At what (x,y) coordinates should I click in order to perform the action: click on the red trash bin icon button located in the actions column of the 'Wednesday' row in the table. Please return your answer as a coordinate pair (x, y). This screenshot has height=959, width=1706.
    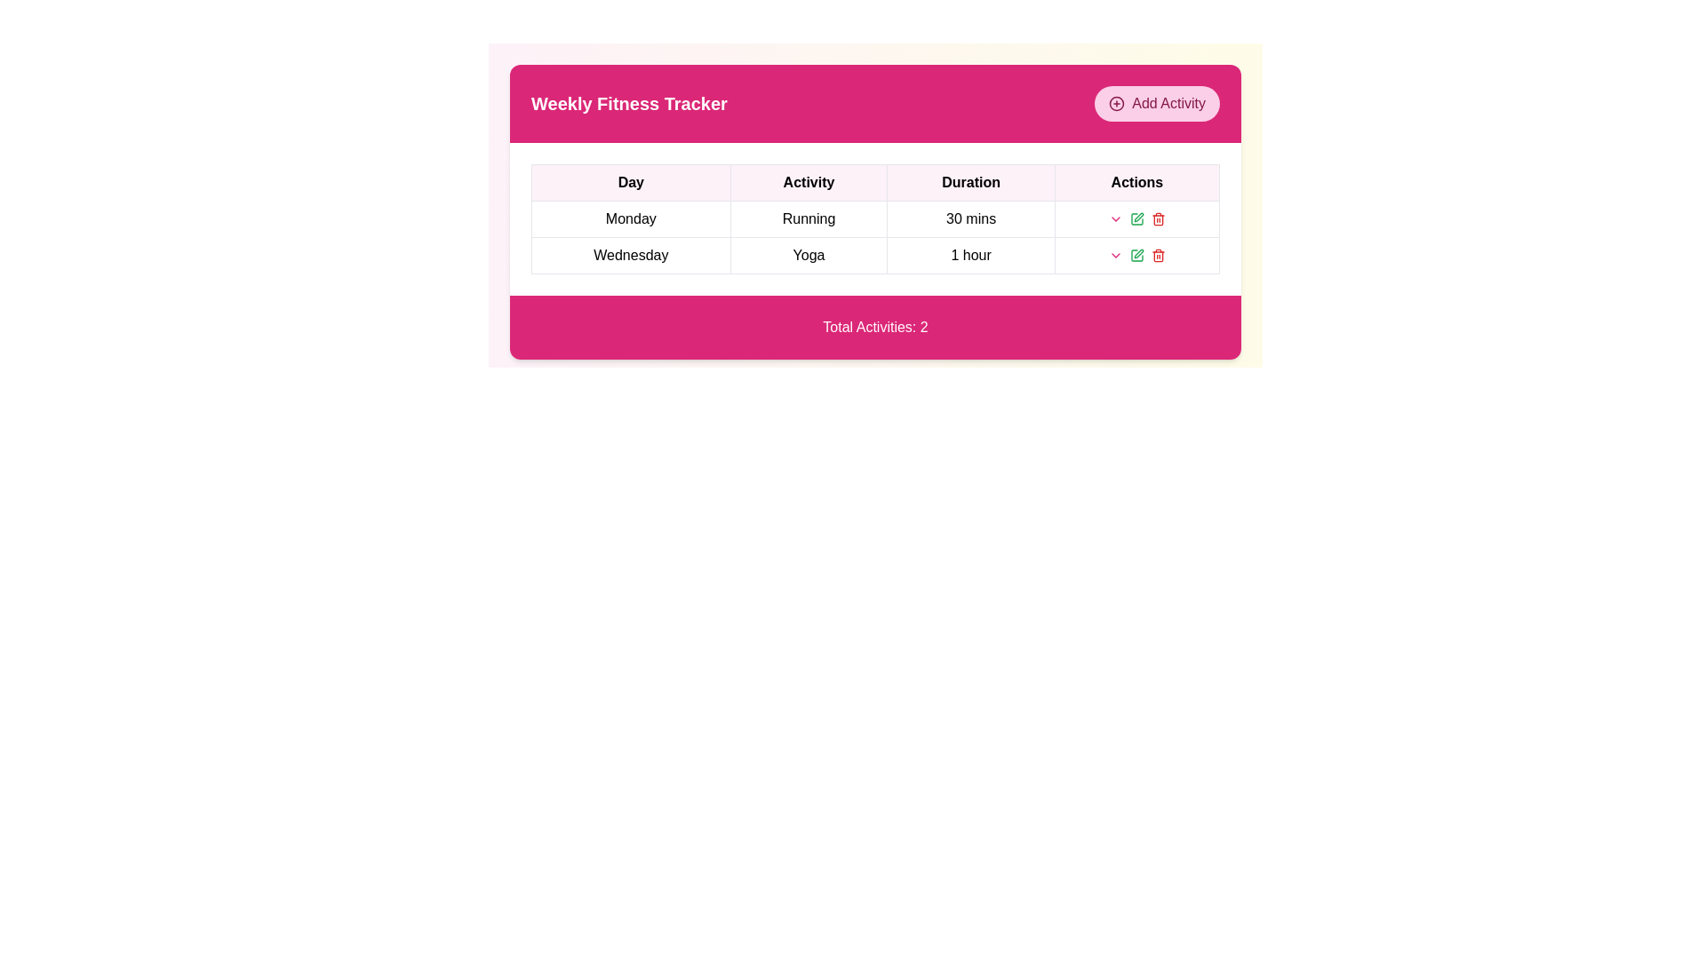
    Looking at the image, I should click on (1158, 218).